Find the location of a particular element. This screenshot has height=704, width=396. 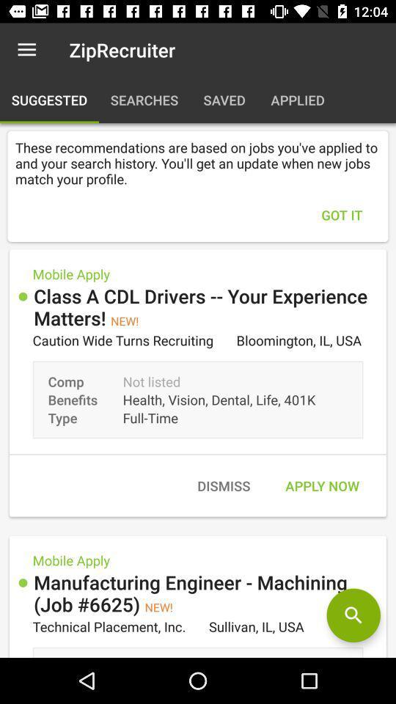

the search icon is located at coordinates (353, 615).